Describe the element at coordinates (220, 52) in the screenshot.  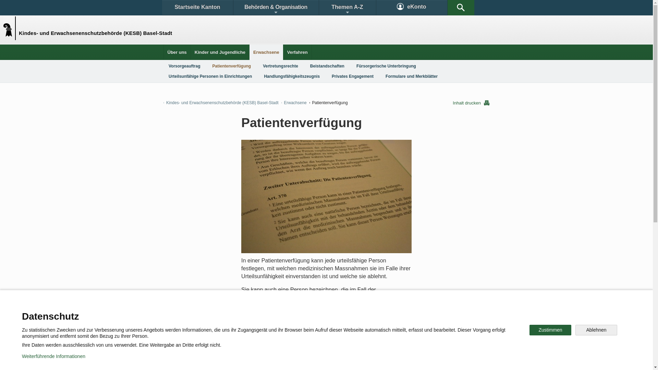
I see `'Kinder und Jugendliche'` at that location.